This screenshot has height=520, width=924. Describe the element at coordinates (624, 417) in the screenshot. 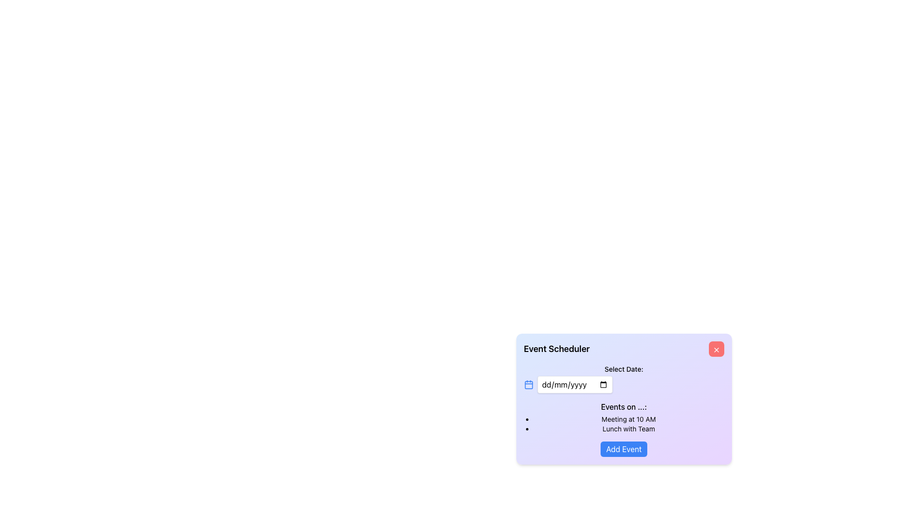

I see `the text section containing the header 'Events on ...:' and the bullet points 'Meeting at 10 AM' and 'Lunch with Team' in the 'Event Scheduler' dialog box` at that location.